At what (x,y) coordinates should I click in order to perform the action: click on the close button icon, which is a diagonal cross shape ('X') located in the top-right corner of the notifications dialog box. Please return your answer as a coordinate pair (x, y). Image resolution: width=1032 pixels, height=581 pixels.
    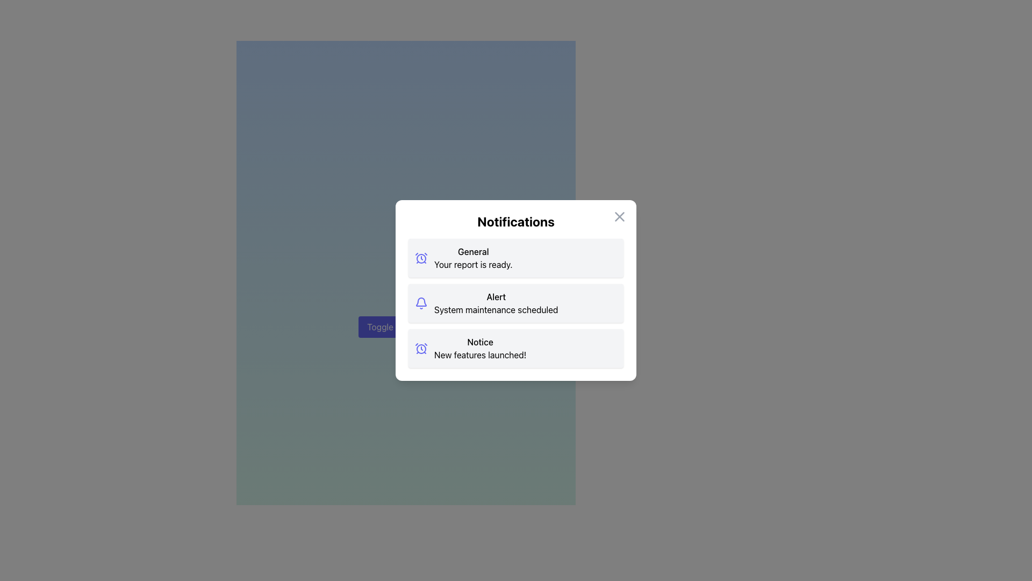
    Looking at the image, I should click on (619, 216).